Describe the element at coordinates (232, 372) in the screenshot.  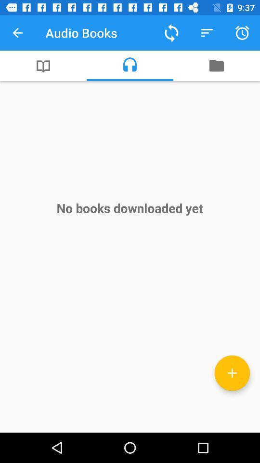
I see `the add icon` at that location.